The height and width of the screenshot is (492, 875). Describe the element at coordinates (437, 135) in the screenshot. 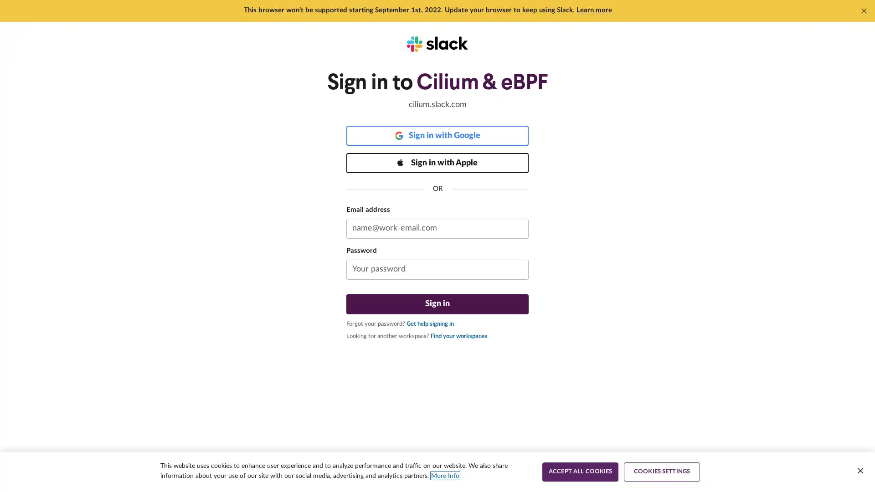

I see `Sign in with Google` at that location.